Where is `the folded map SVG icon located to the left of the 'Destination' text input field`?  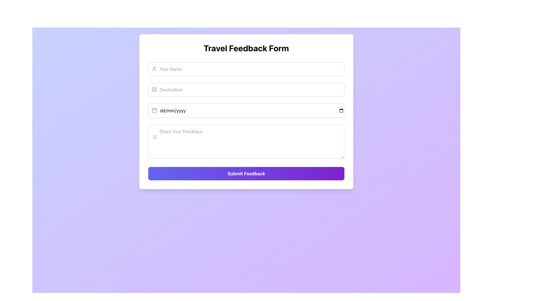 the folded map SVG icon located to the left of the 'Destination' text input field is located at coordinates (154, 89).